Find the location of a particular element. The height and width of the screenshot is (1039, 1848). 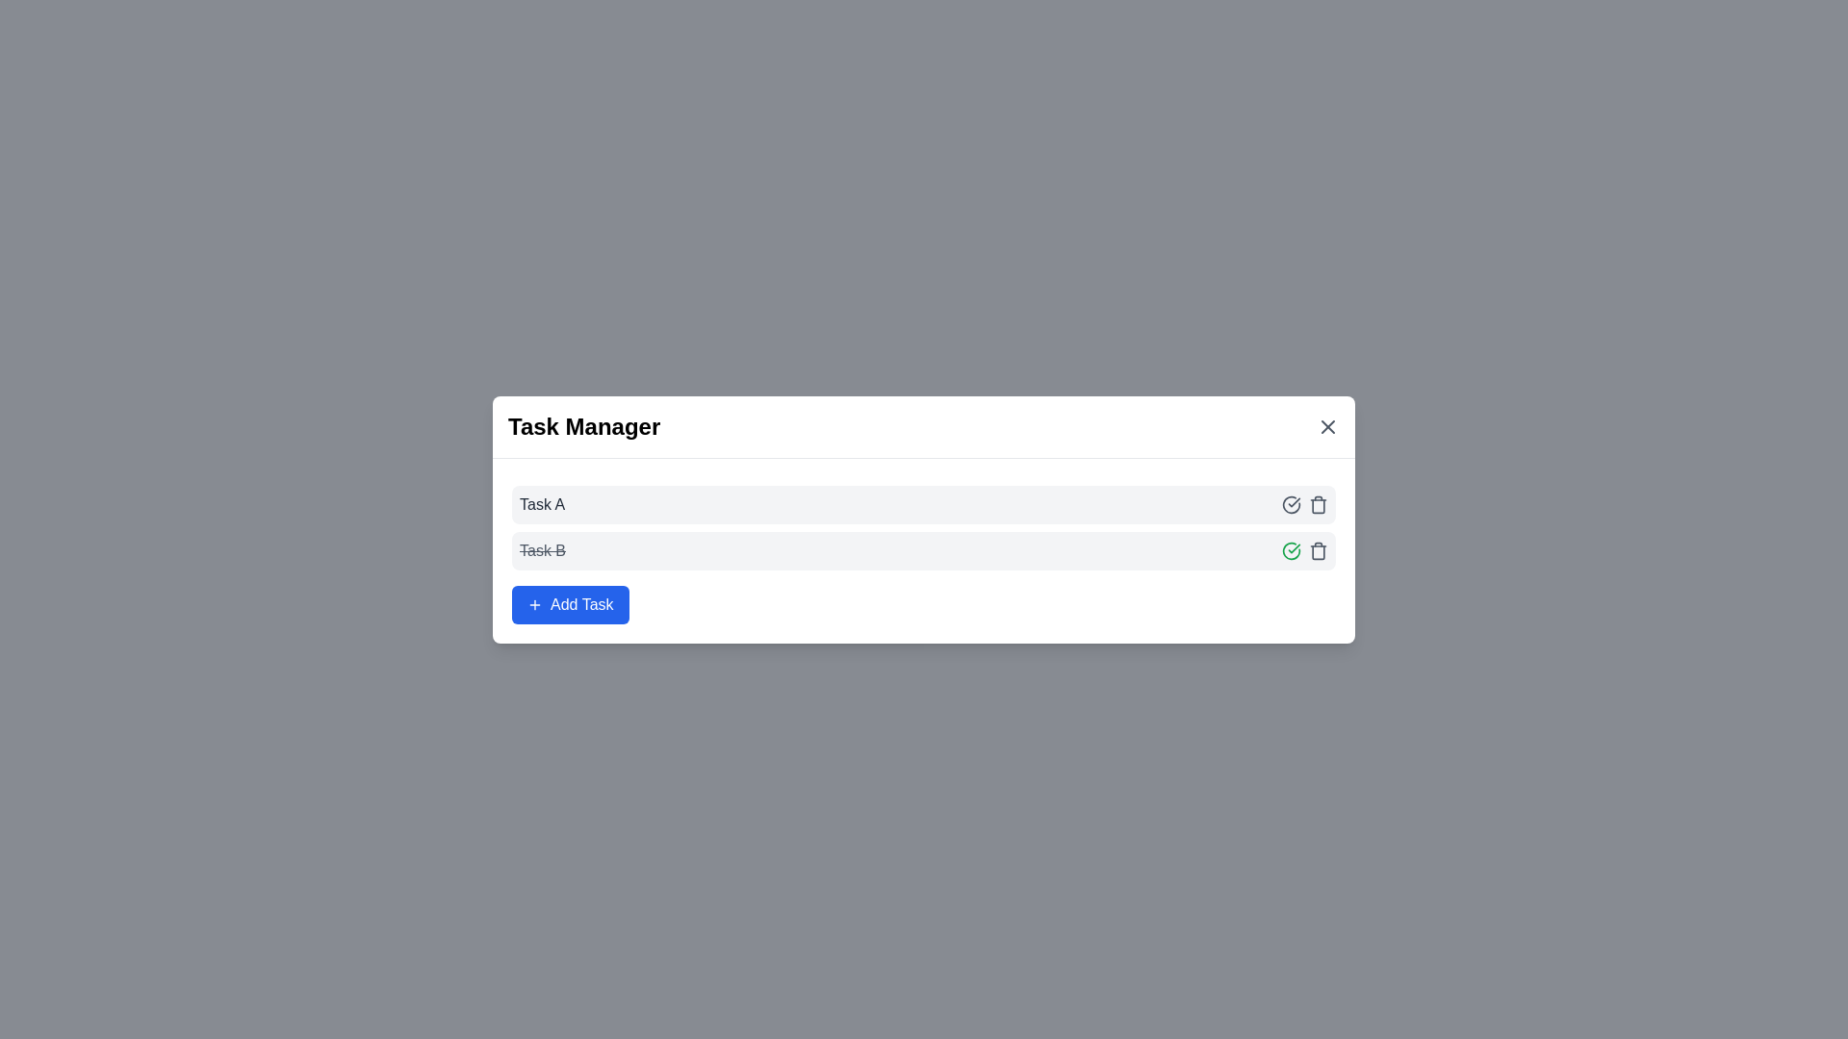

the green checkmark icon located adjacent to the right of the text box labeled 'Task B' in the task list is located at coordinates (1292, 549).